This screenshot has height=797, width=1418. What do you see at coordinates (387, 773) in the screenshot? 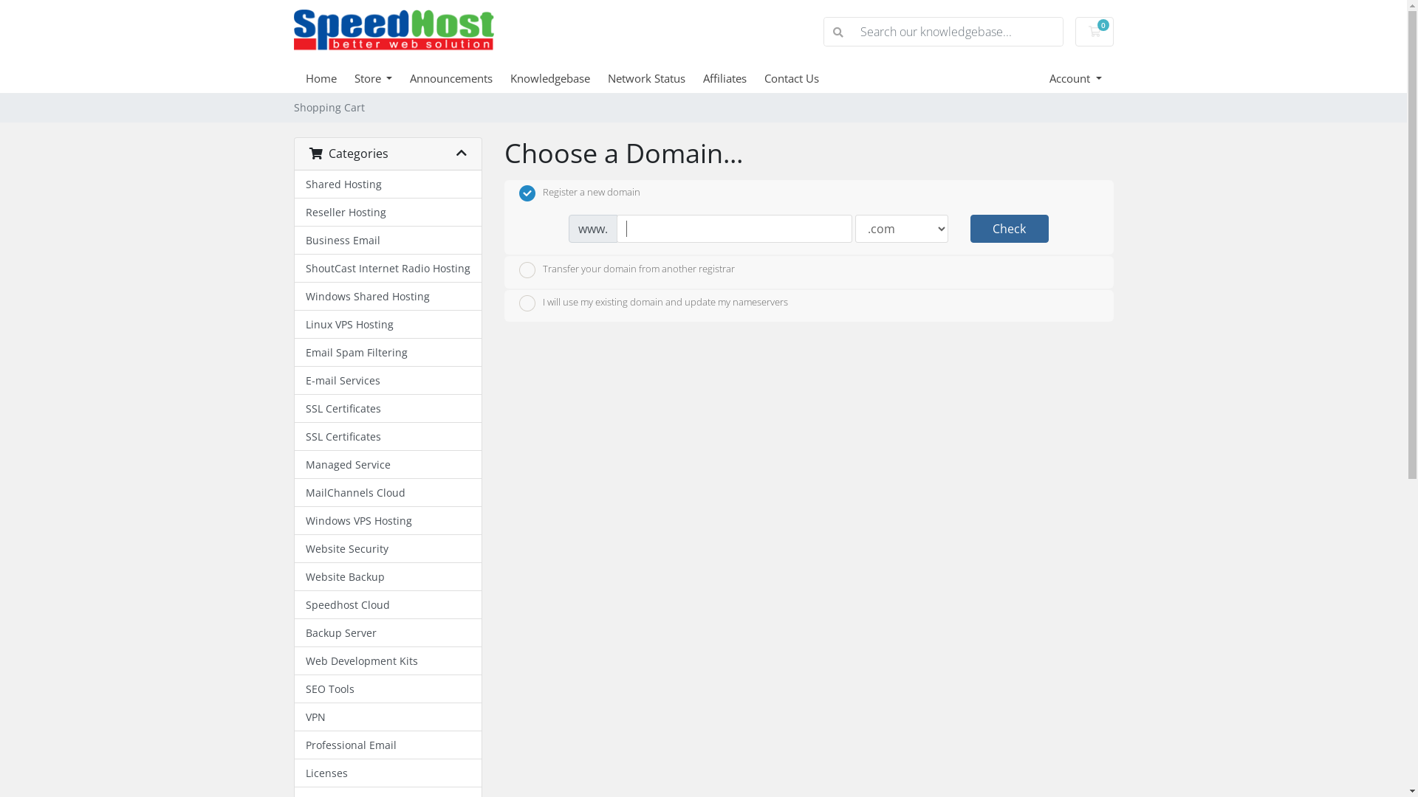
I see `'Licenses'` at bounding box center [387, 773].